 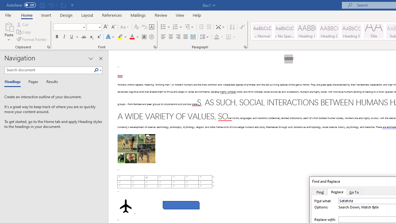 I want to click on 'Font...', so click(x=155, y=46).